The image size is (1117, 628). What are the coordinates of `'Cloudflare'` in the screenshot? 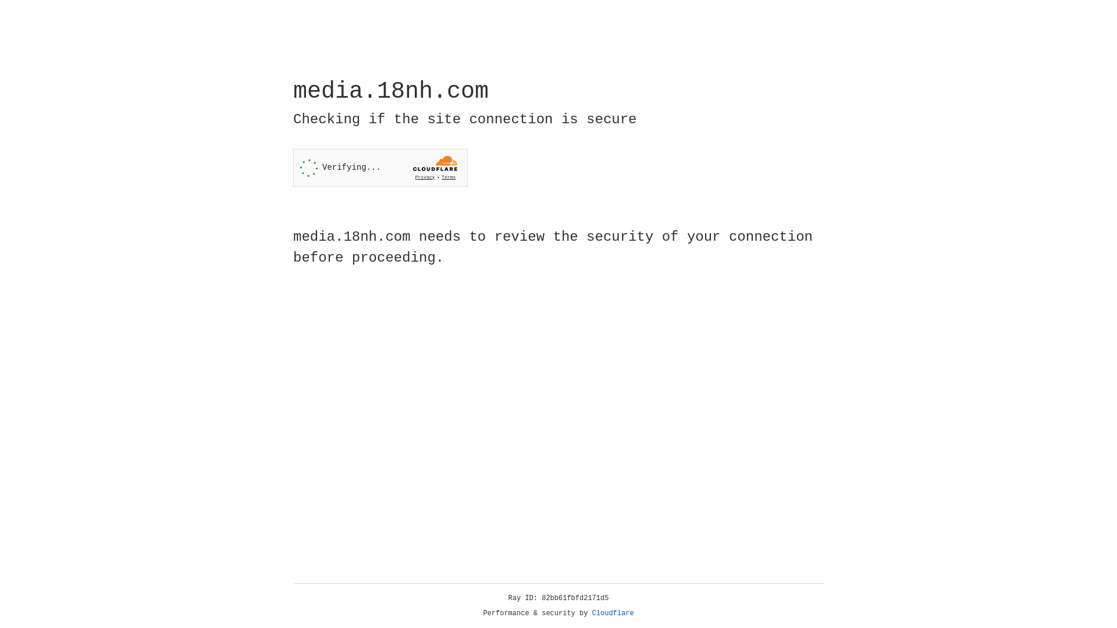 It's located at (613, 613).